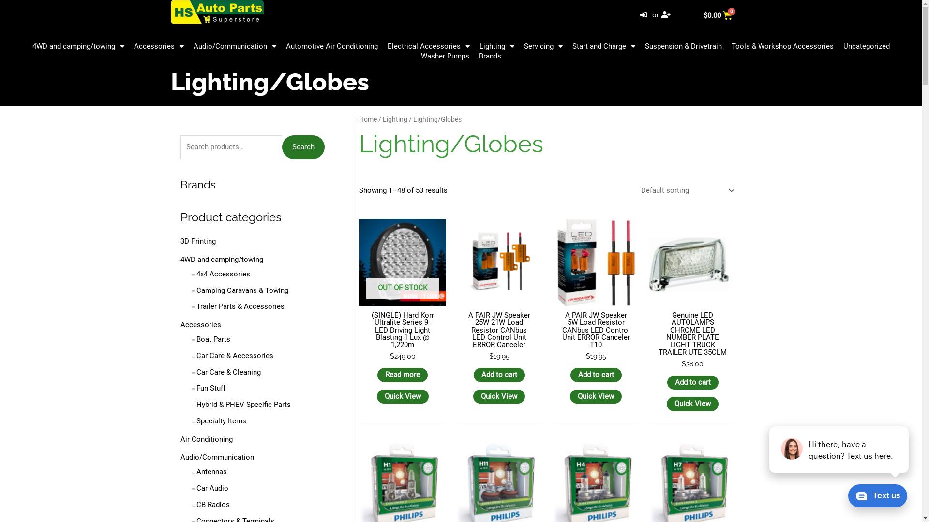 The image size is (929, 522). Describe the element at coordinates (213, 339) in the screenshot. I see `'Boat Parts'` at that location.